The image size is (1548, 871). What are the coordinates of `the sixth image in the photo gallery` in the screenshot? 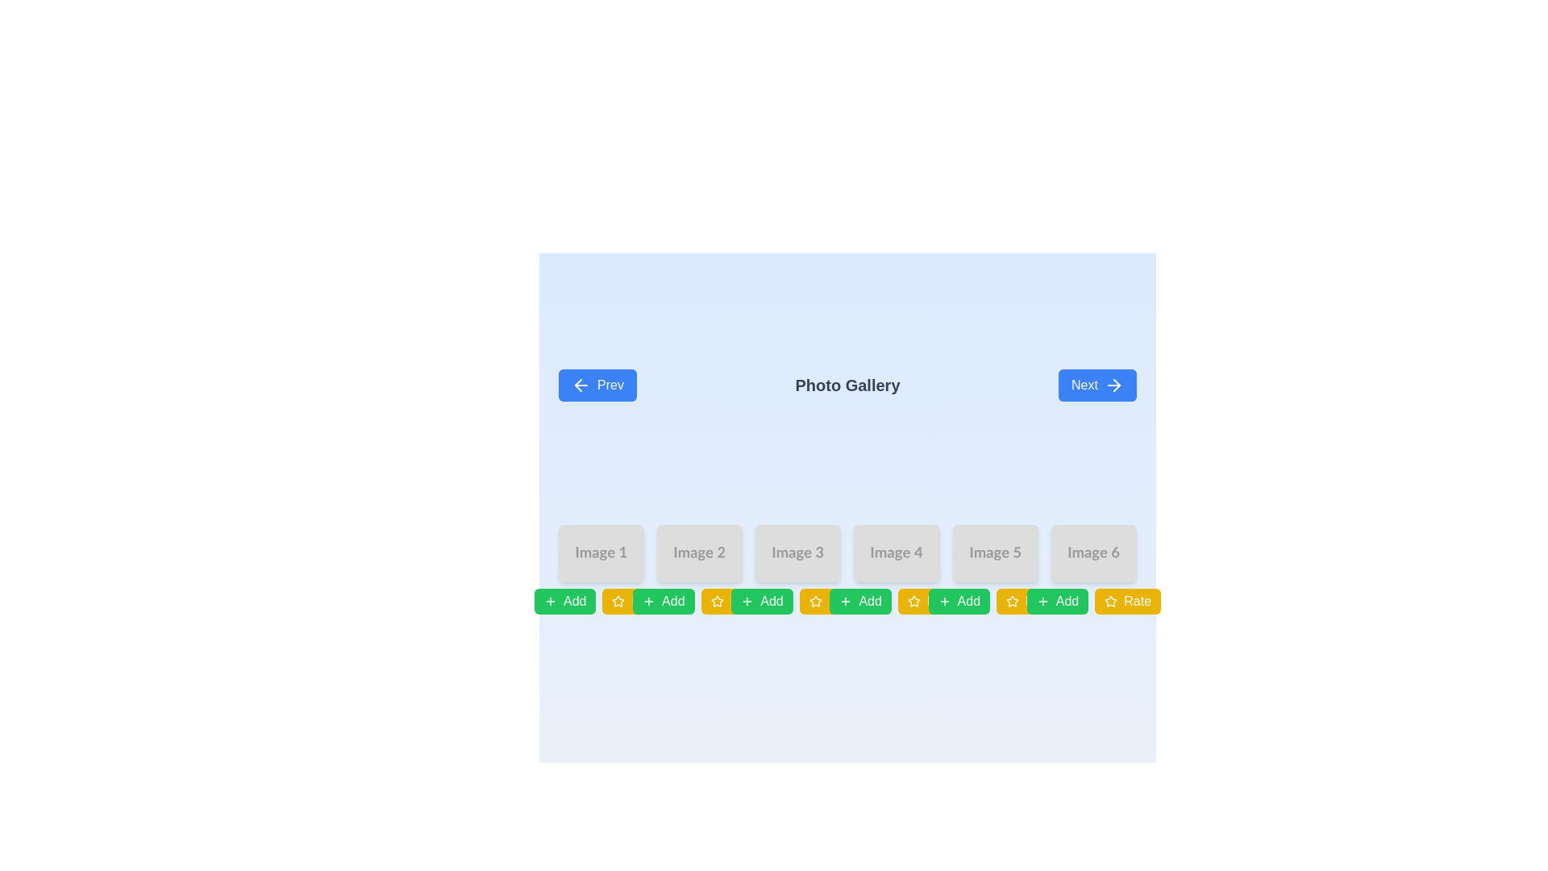 It's located at (1093, 552).